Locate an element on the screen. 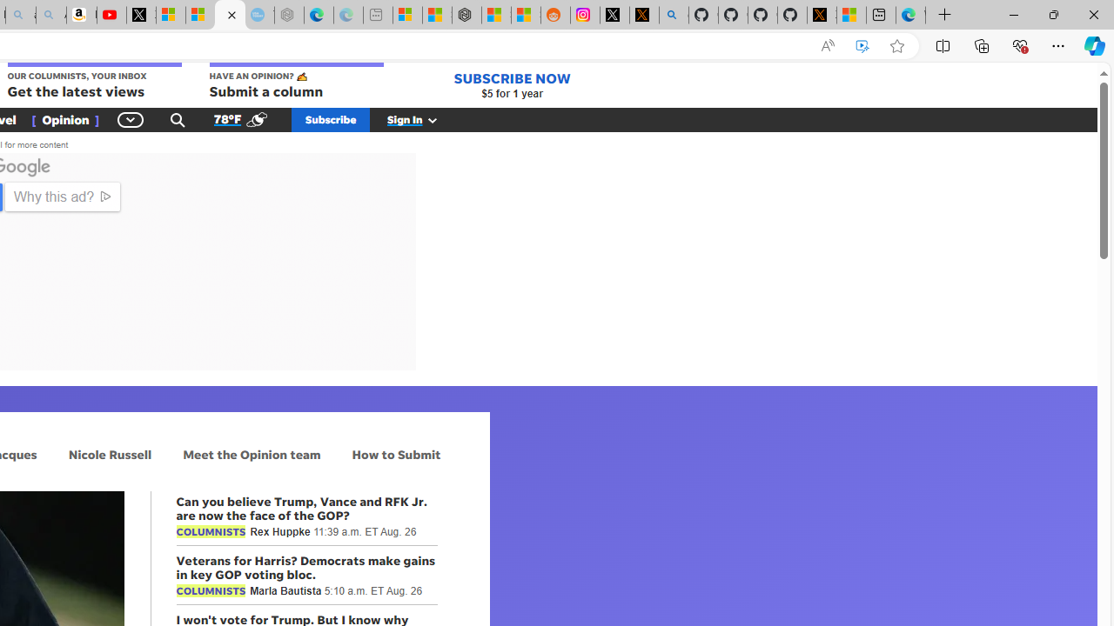 This screenshot has width=1114, height=626. 'Enhance video' is located at coordinates (862, 45).